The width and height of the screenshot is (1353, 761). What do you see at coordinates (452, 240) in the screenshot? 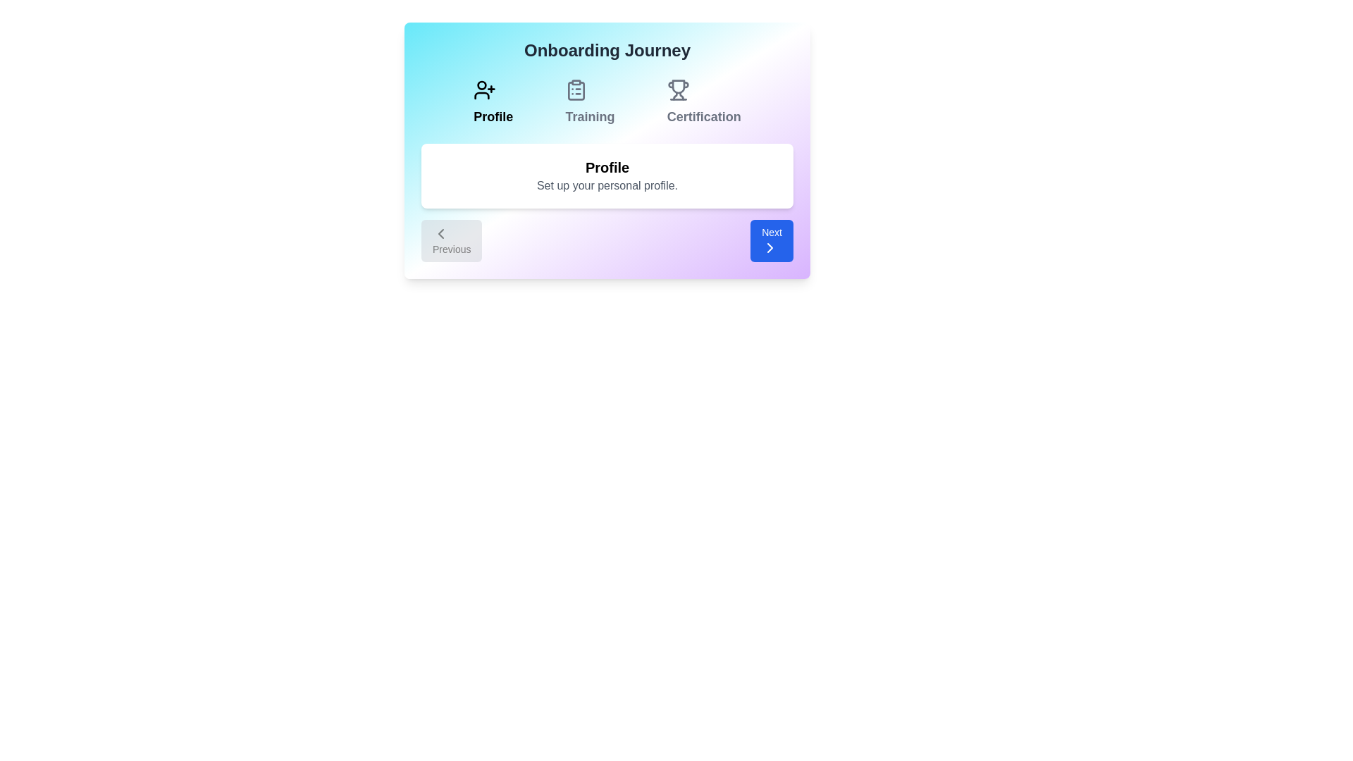
I see `the 'Previous' button to navigate to the previous onboarding step` at bounding box center [452, 240].